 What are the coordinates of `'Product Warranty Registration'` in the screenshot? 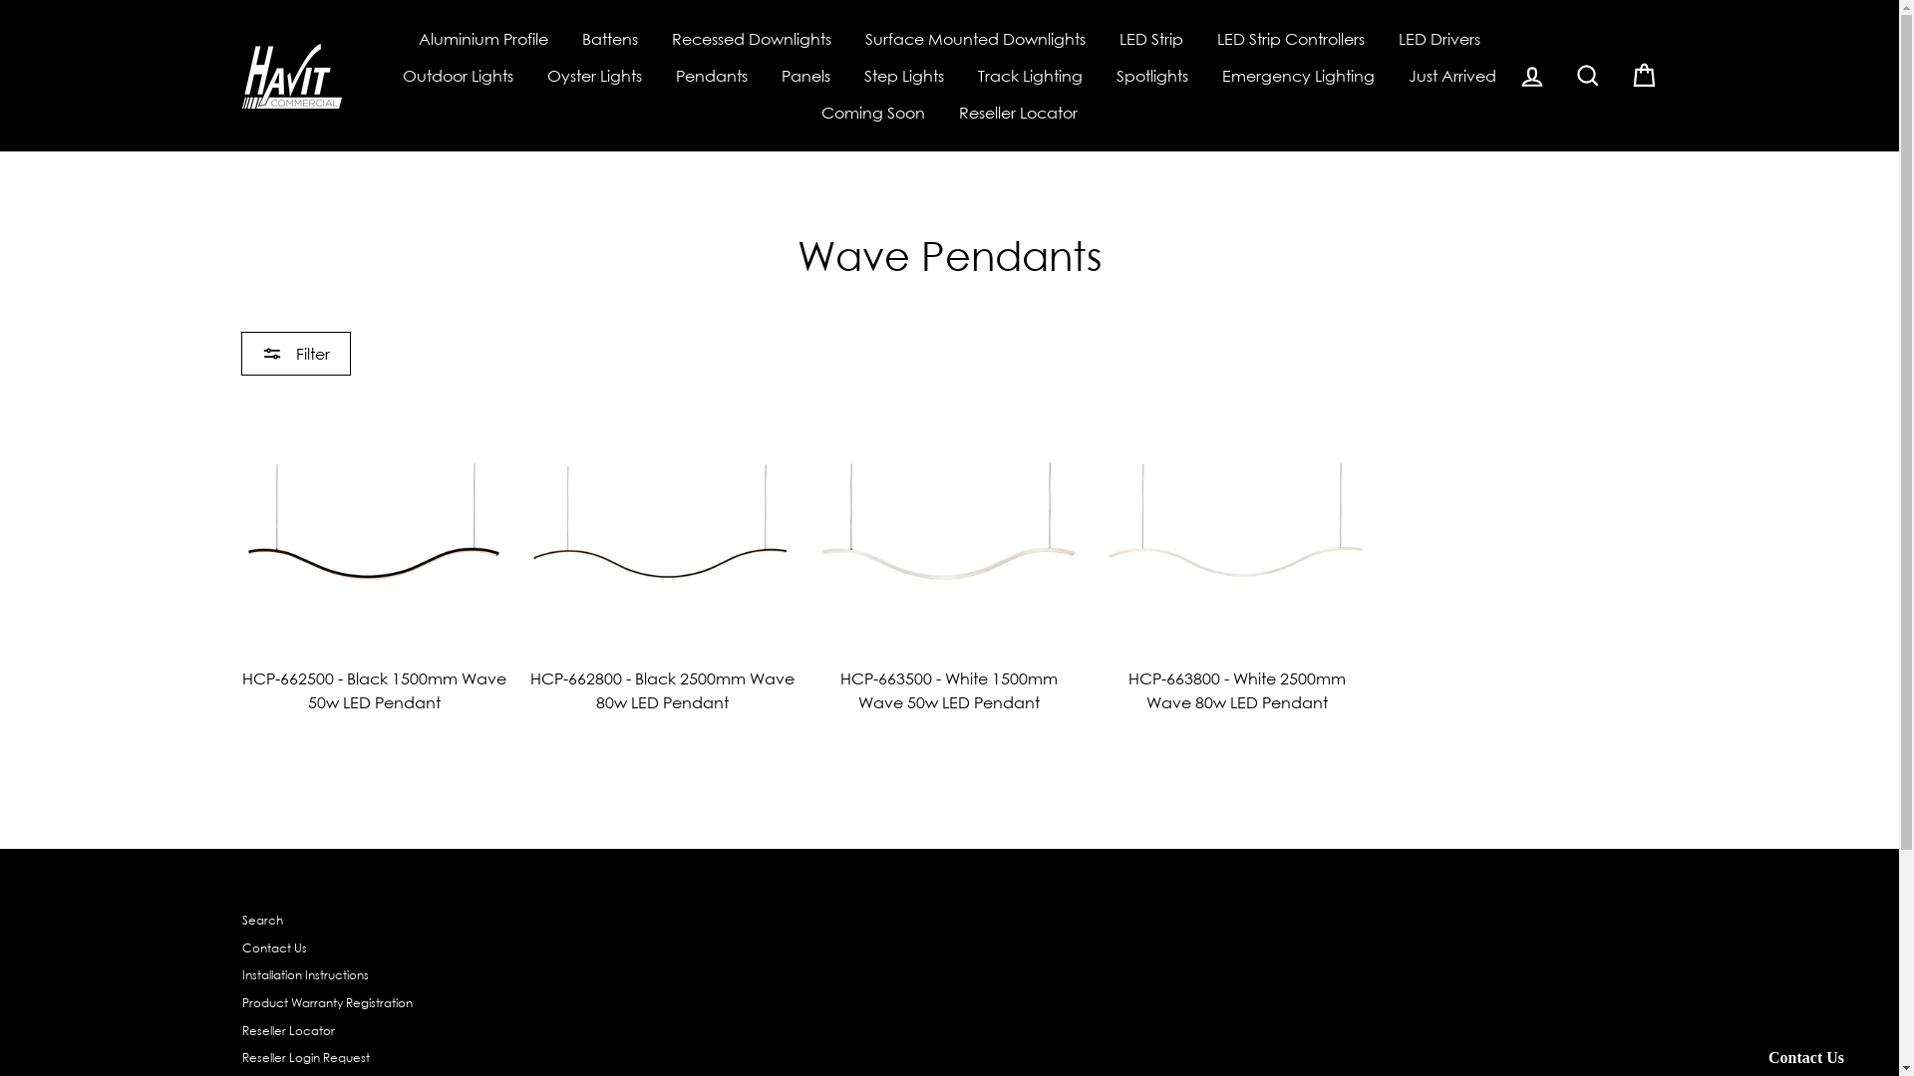 It's located at (326, 1003).